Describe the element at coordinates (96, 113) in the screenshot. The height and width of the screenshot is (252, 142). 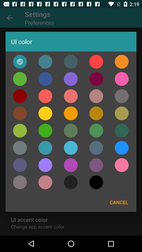
I see `ui color` at that location.